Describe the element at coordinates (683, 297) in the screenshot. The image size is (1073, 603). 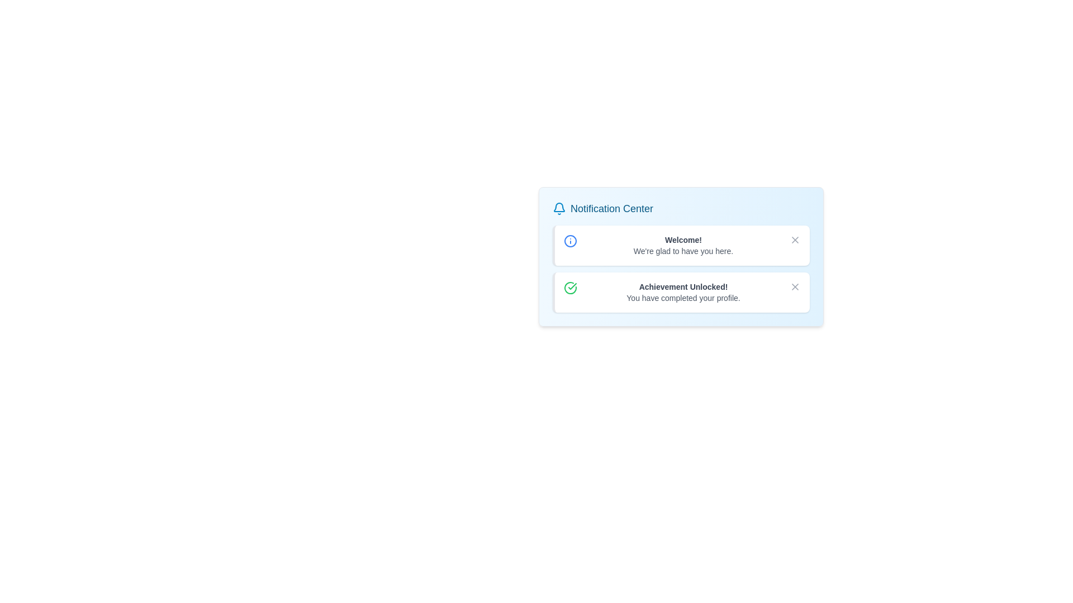
I see `text label that indicates successful profile completion, located in the second notification card beneath the 'Achievement Unlocked!' text` at that location.